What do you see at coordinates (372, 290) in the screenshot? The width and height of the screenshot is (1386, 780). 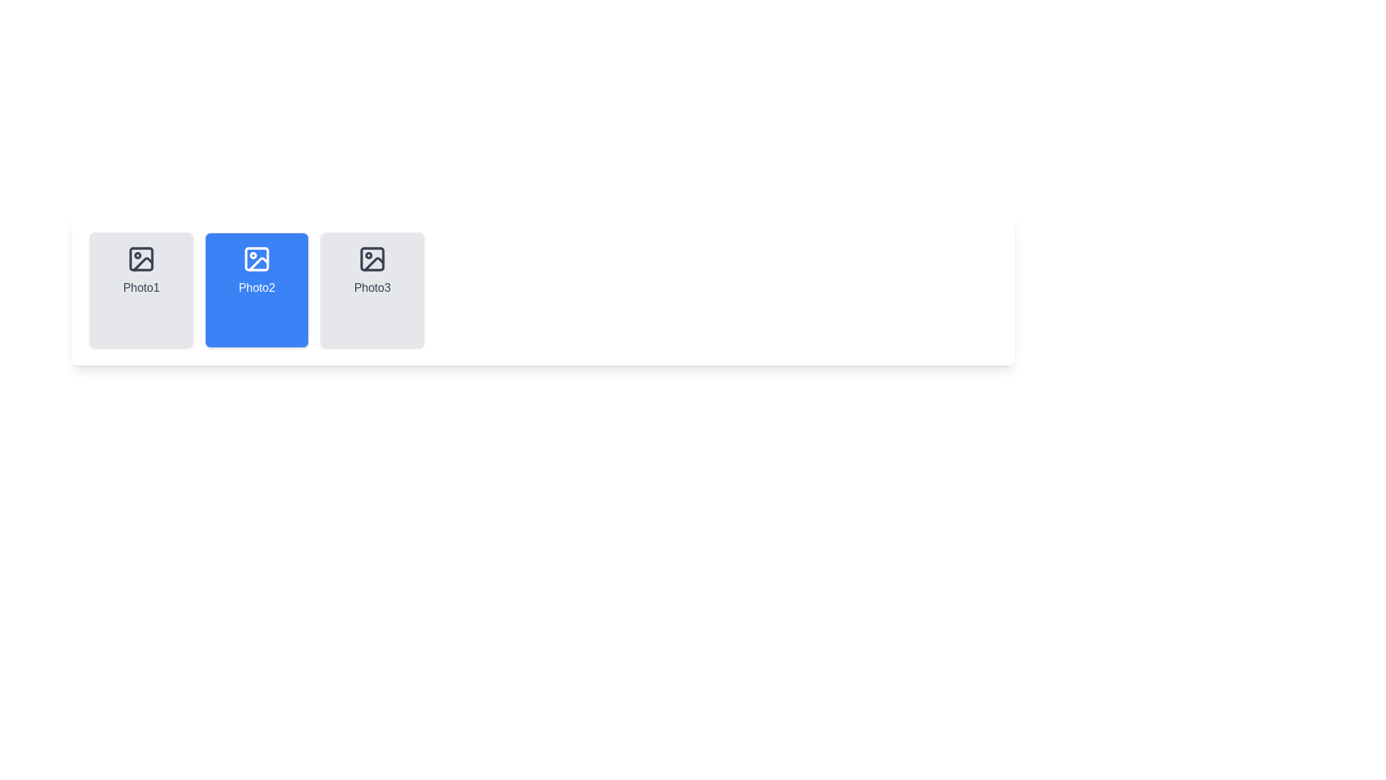 I see `the gallery chip labeled 'Photo3' to toggle its selection state` at bounding box center [372, 290].